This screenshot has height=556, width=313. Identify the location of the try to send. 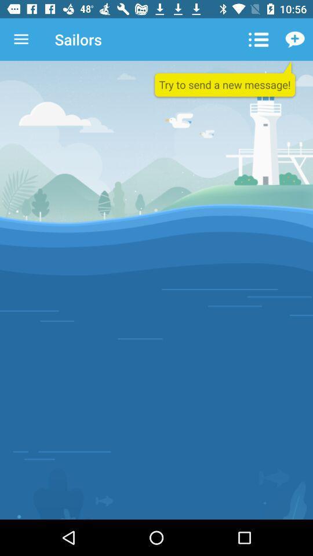
(225, 79).